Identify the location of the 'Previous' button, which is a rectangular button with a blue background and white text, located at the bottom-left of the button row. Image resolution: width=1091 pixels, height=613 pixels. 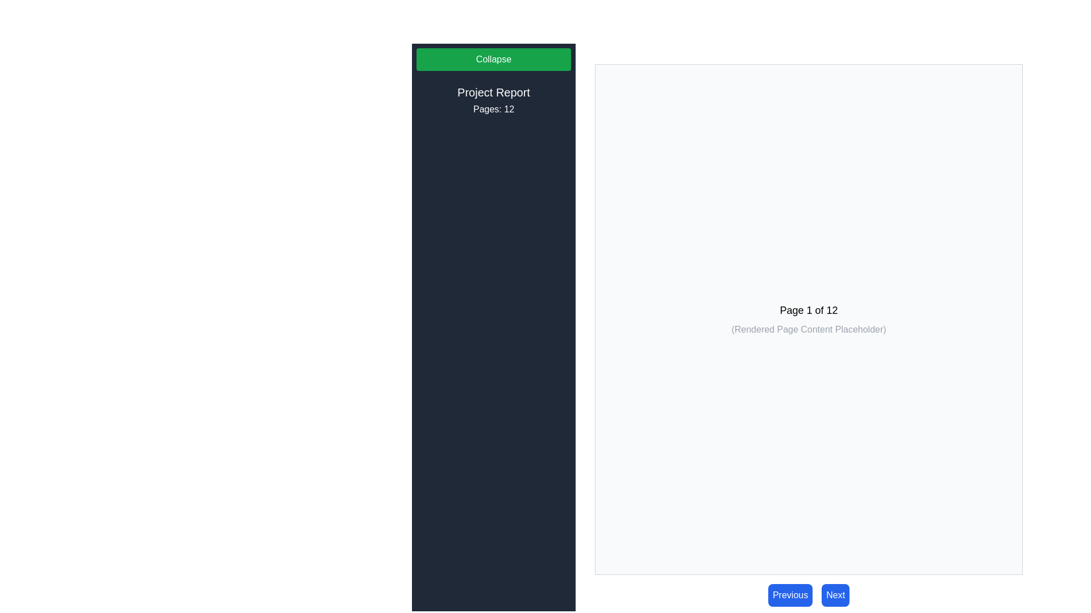
(790, 595).